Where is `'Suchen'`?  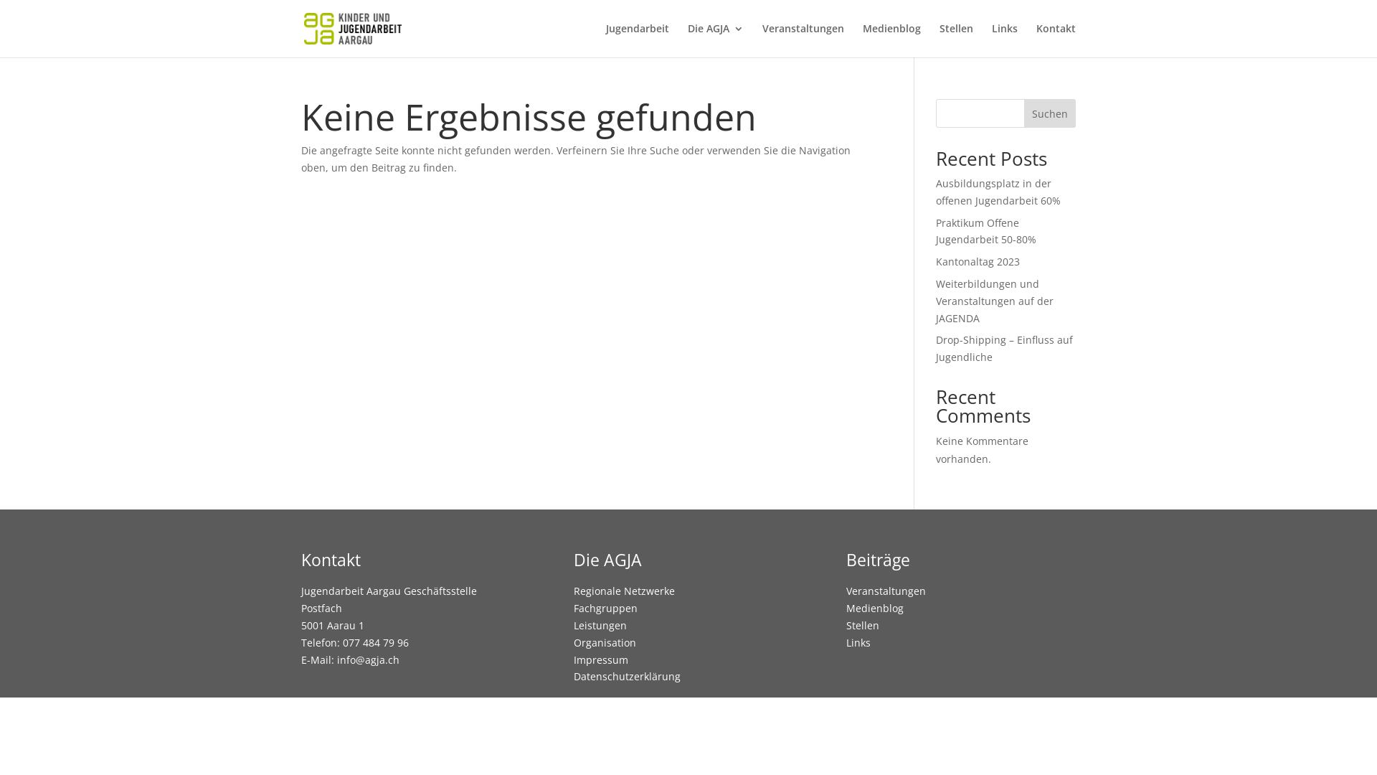 'Suchen' is located at coordinates (1050, 113).